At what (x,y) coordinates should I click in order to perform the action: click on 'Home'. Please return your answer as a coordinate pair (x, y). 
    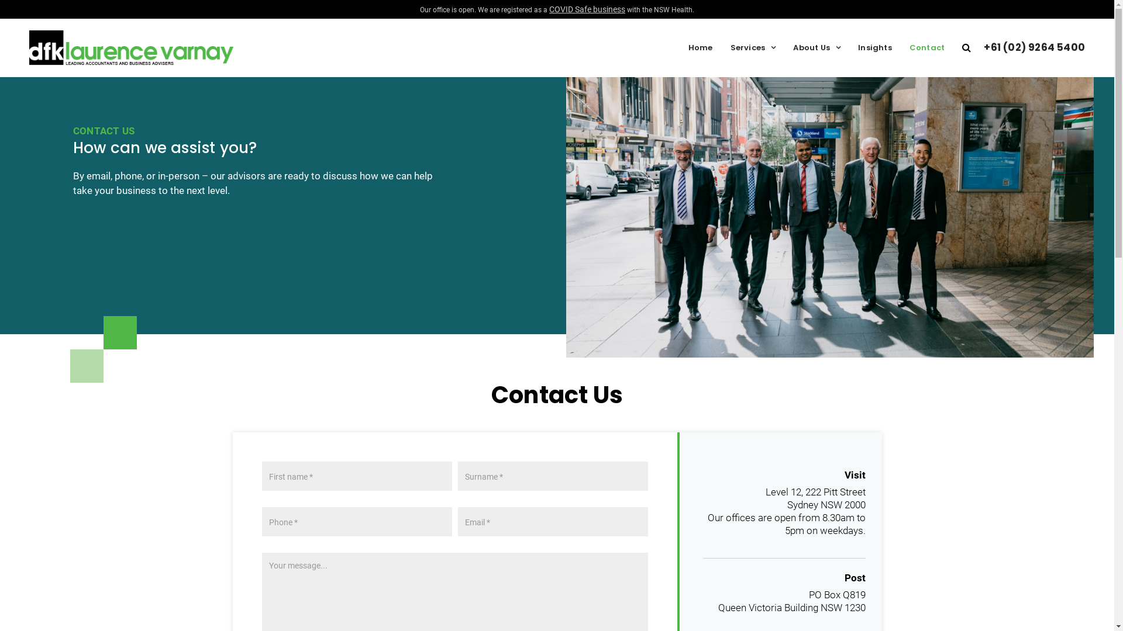
    Looking at the image, I should click on (701, 47).